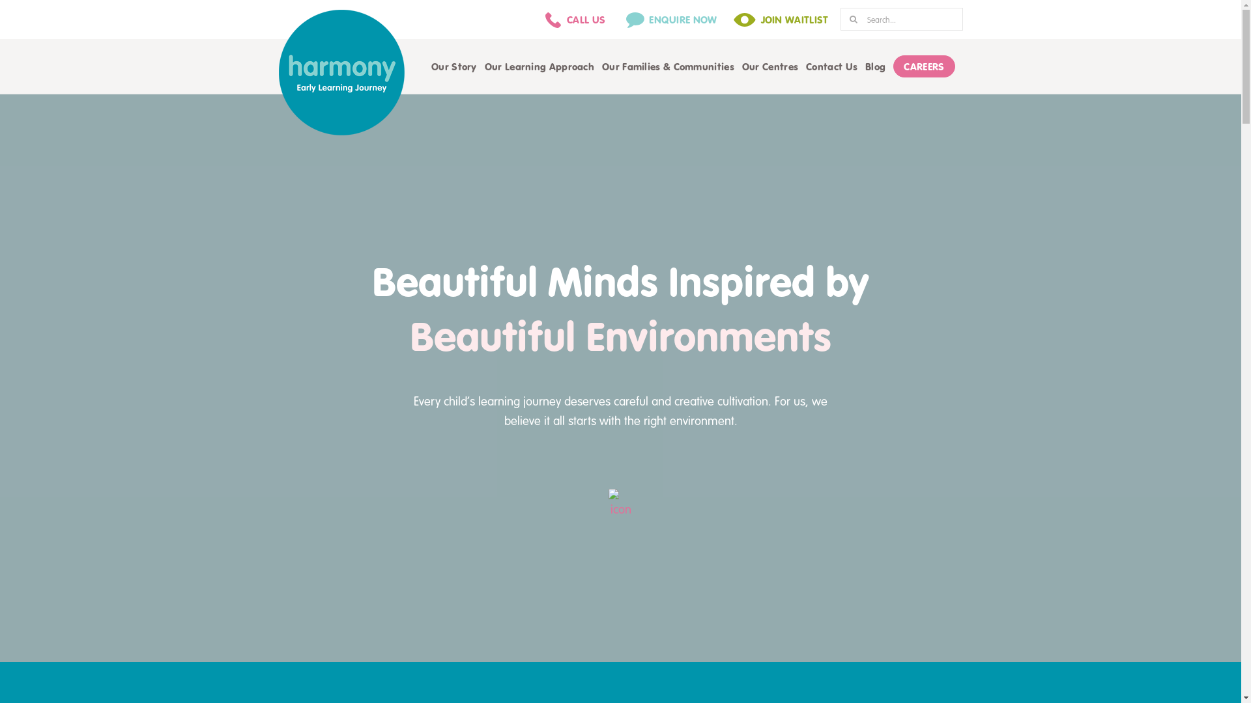  I want to click on 'Our Learning Approach', so click(539, 66).